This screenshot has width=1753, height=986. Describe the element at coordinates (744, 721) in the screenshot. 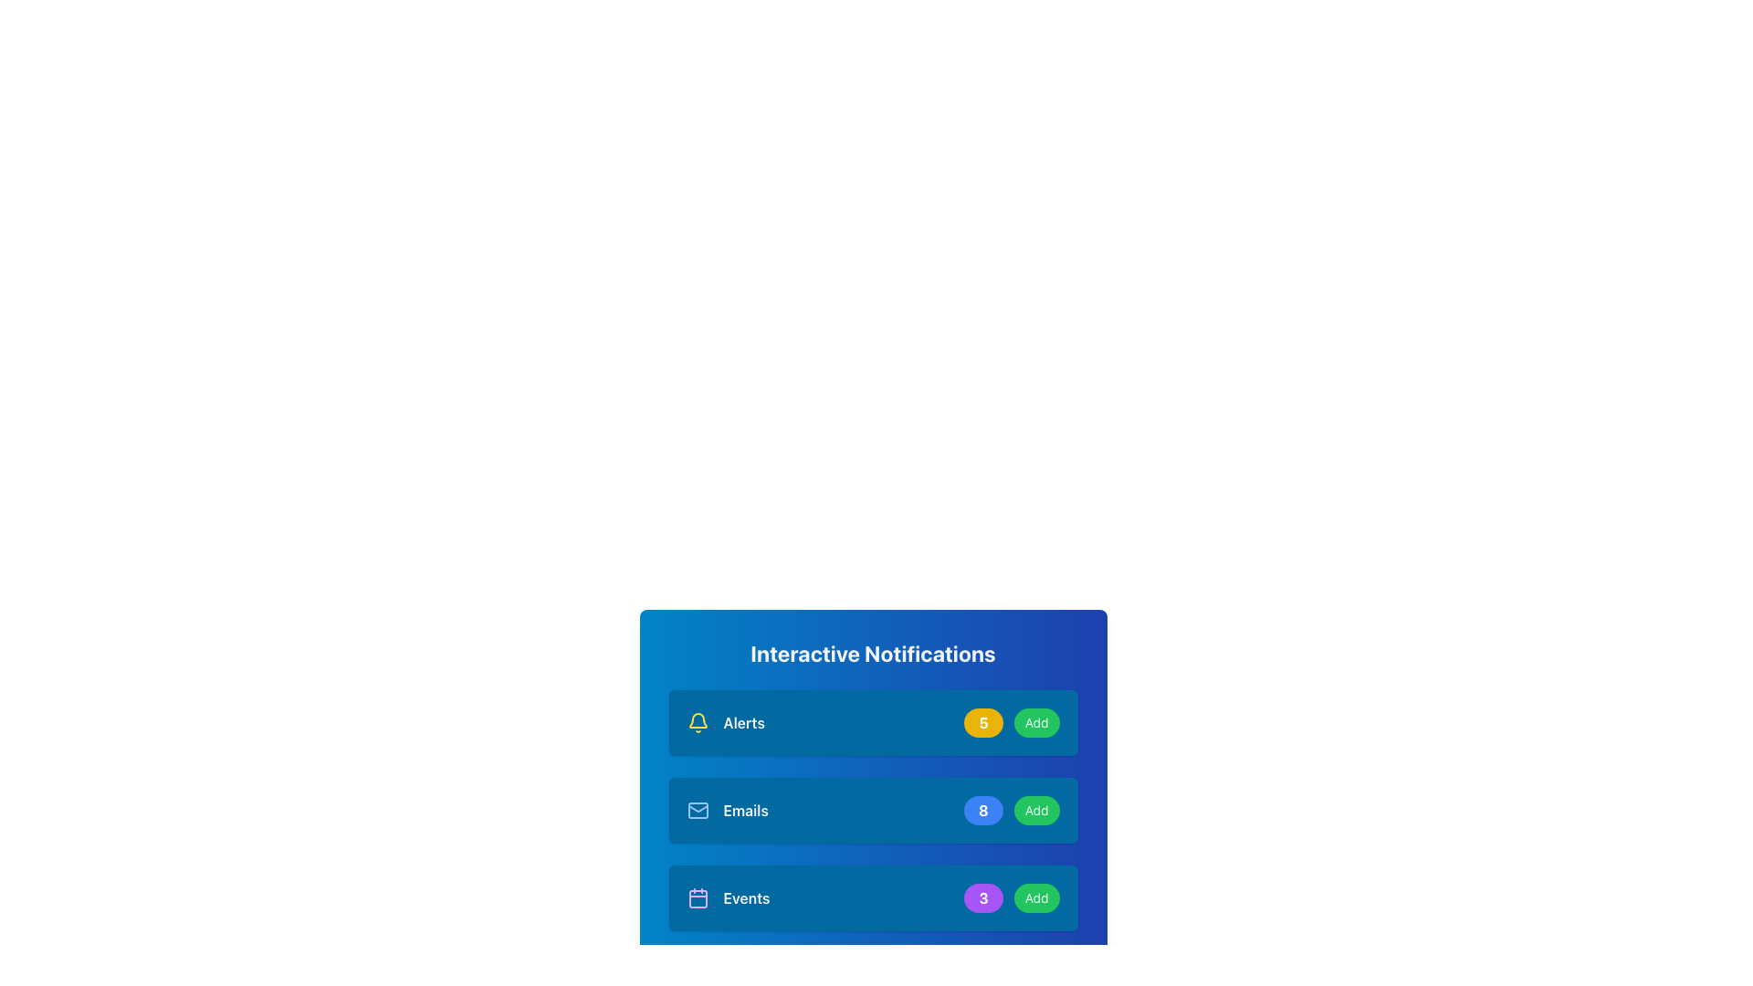

I see `the 'Alerts' text label in the first row of the 'Interactive Notifications' section, which indicates the type of notification` at that location.